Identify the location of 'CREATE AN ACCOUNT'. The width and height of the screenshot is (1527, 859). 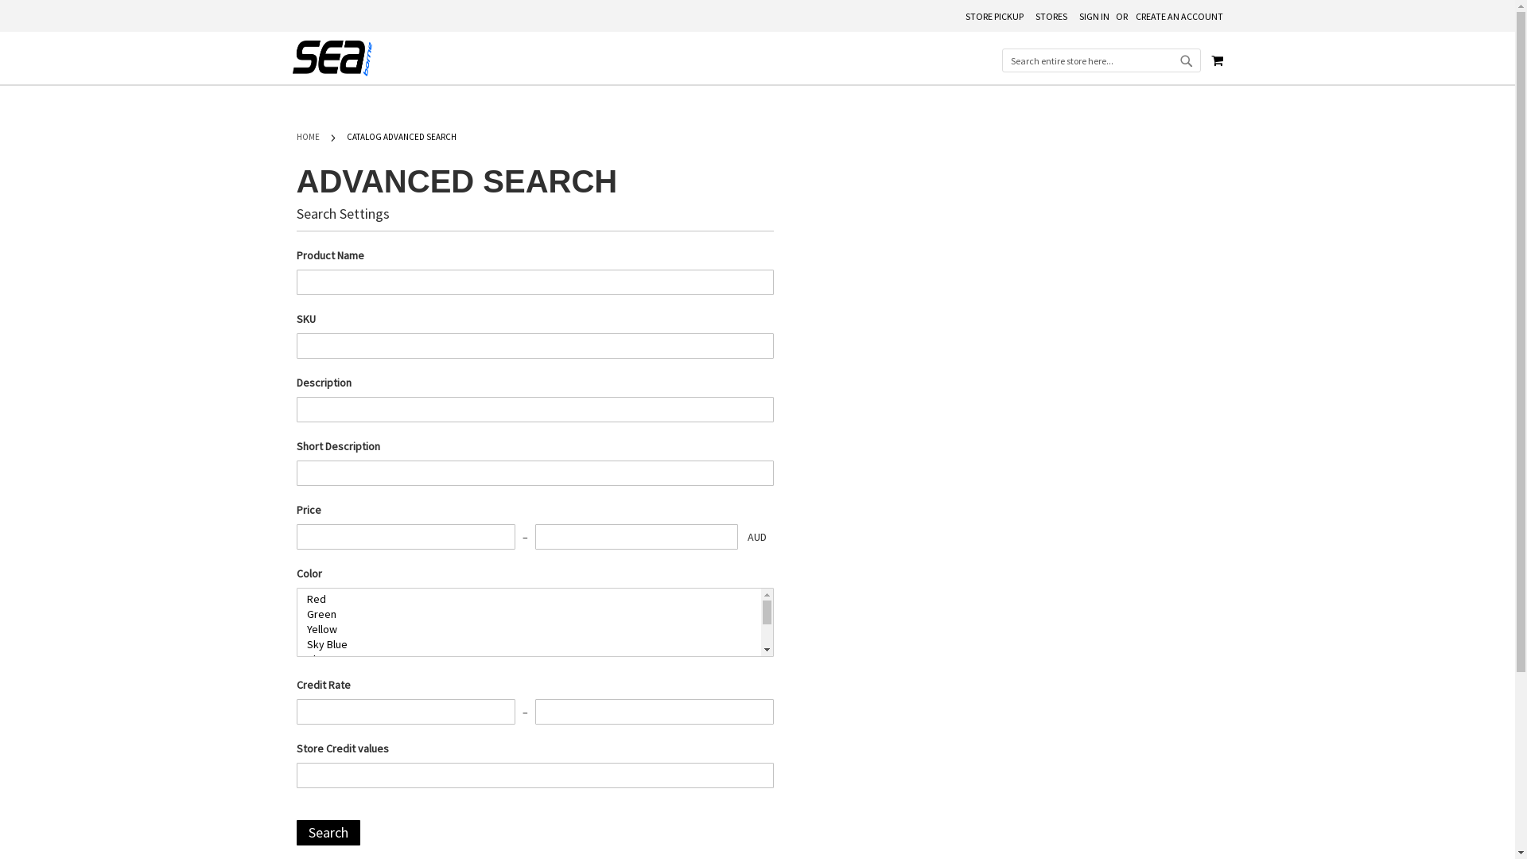
(1135, 17).